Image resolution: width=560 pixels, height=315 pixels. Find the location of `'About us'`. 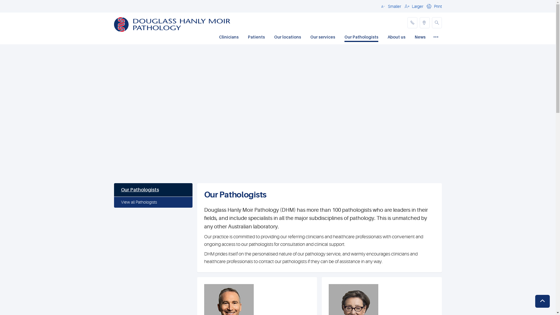

'About us' is located at coordinates (387, 37).